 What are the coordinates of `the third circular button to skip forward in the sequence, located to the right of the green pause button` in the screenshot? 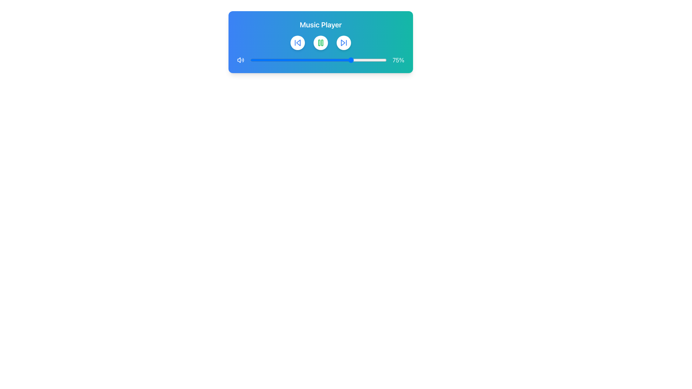 It's located at (343, 43).